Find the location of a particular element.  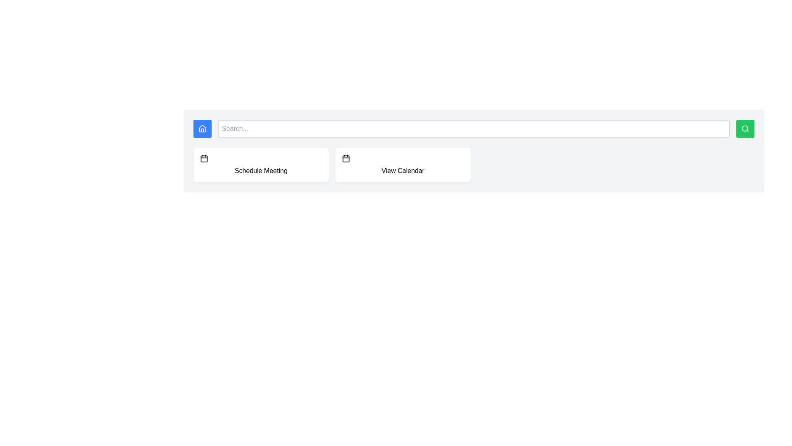

the central circular part of the search icon located in the top-right corner of the header, which is represented by a minimalistic SVG Circle is located at coordinates (745, 128).